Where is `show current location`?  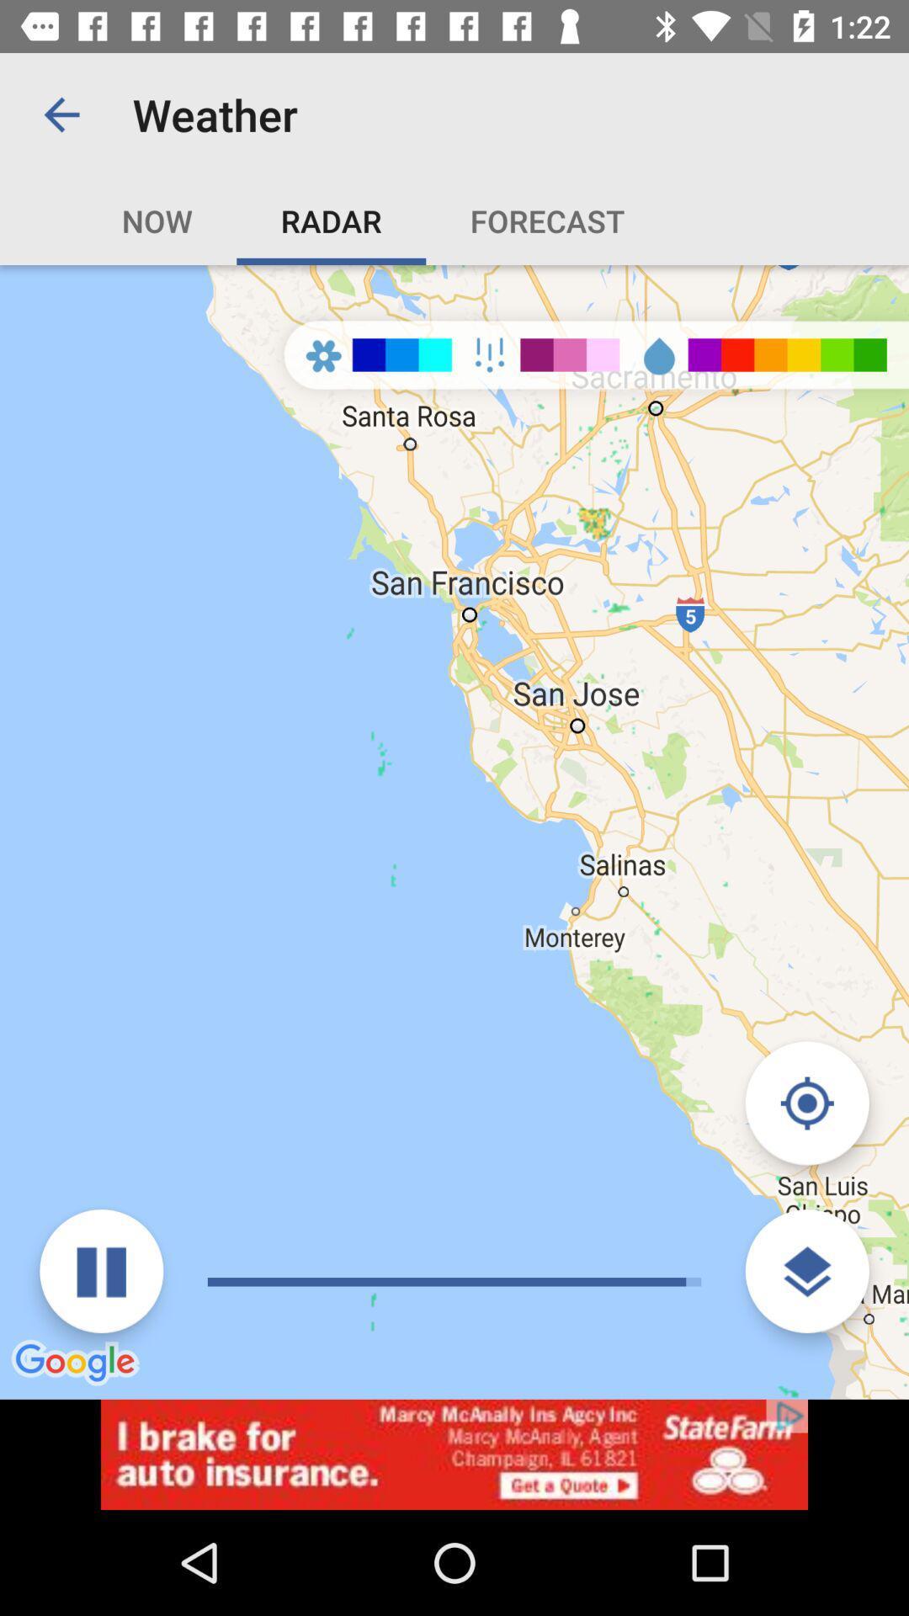
show current location is located at coordinates (806, 1103).